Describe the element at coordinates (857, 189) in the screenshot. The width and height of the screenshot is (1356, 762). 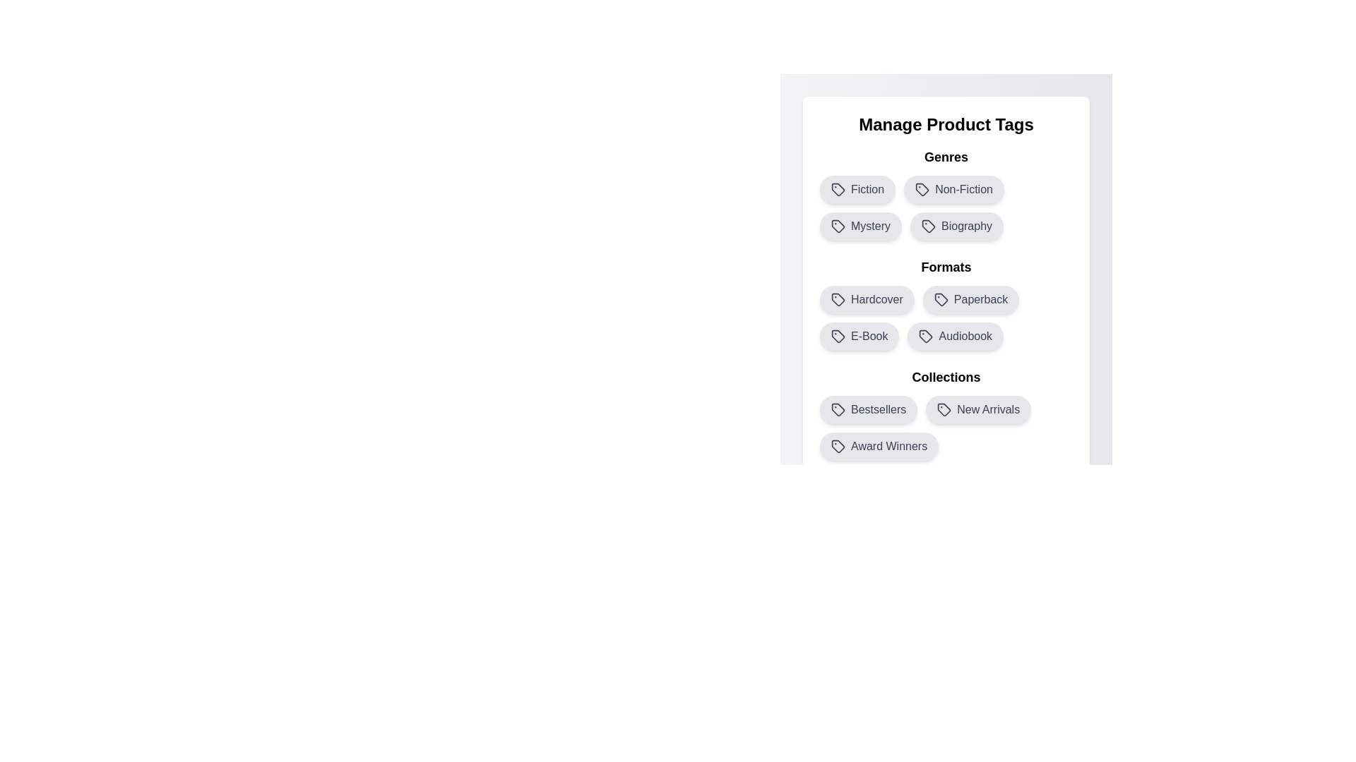
I see `the 'Fiction' button` at that location.